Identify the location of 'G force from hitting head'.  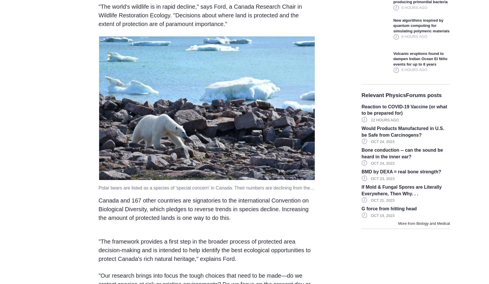
(389, 208).